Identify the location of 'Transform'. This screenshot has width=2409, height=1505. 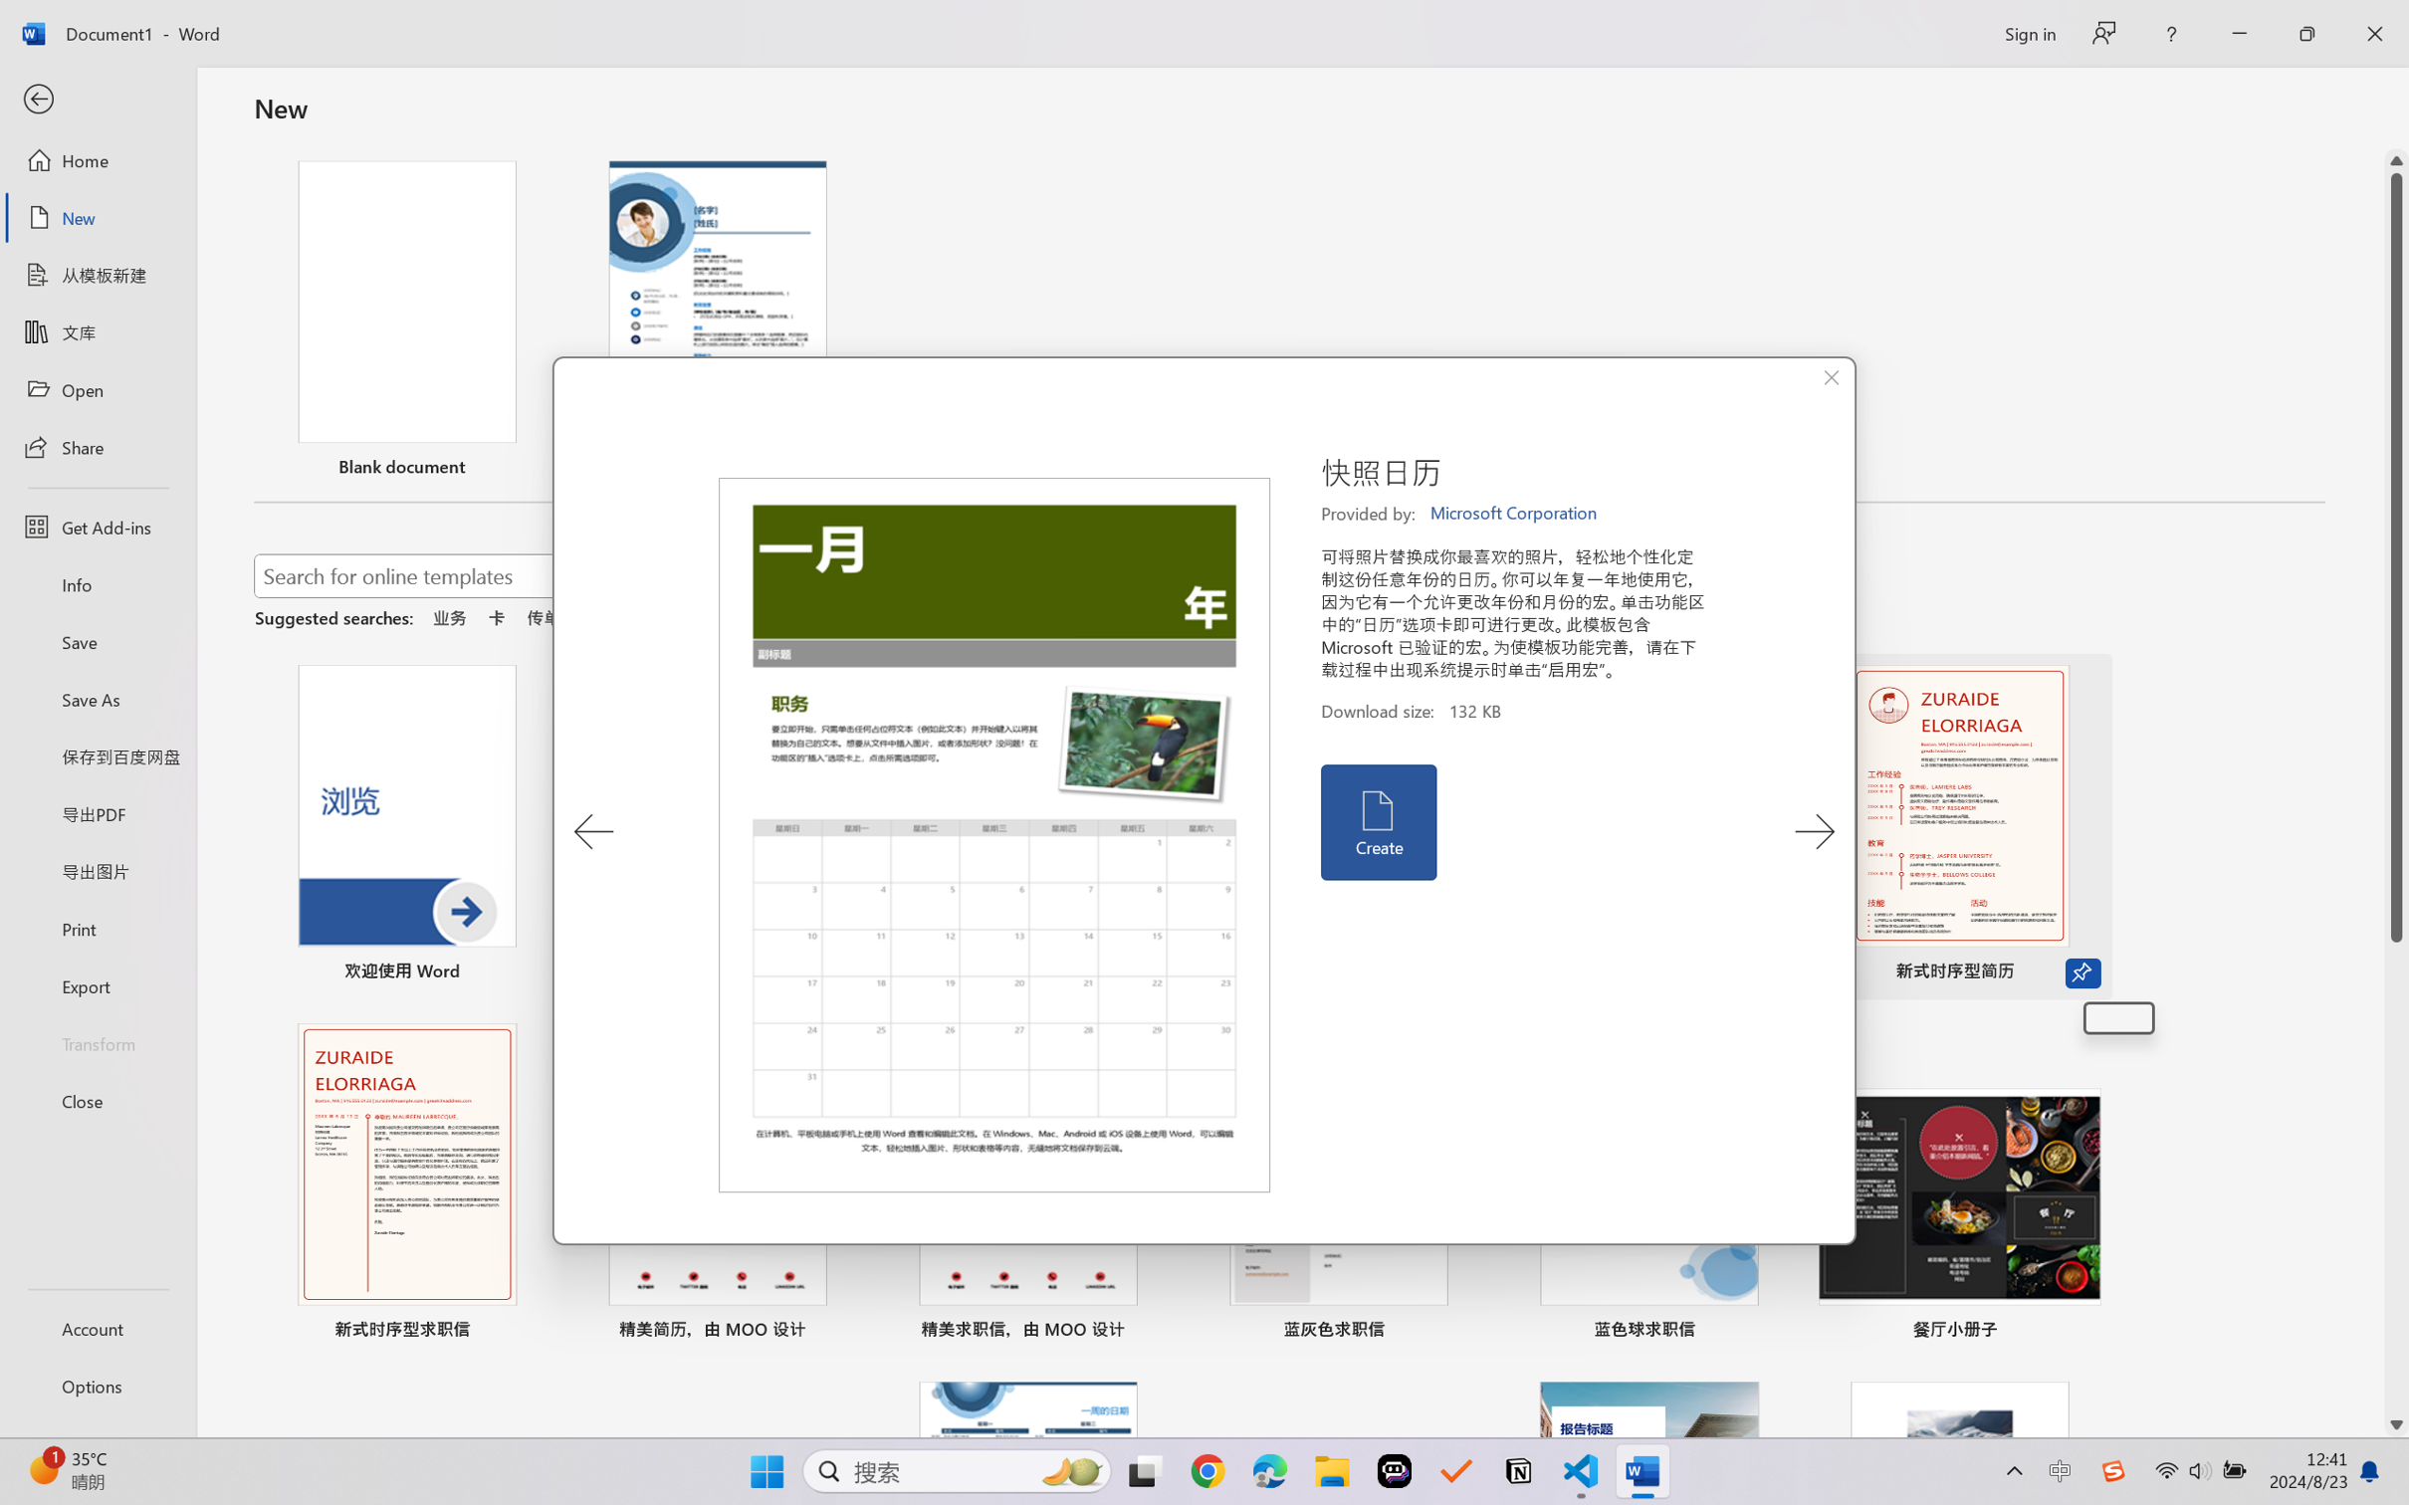
(97, 1041).